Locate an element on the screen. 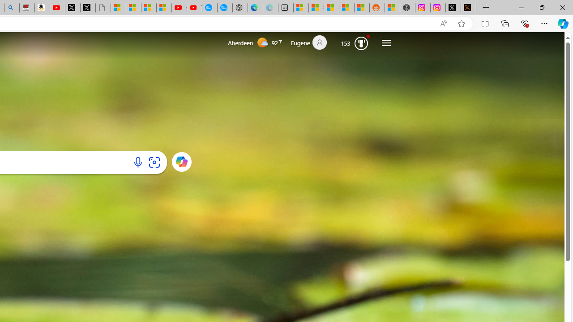 The image size is (573, 322). 'Search using an image' is located at coordinates (154, 162).